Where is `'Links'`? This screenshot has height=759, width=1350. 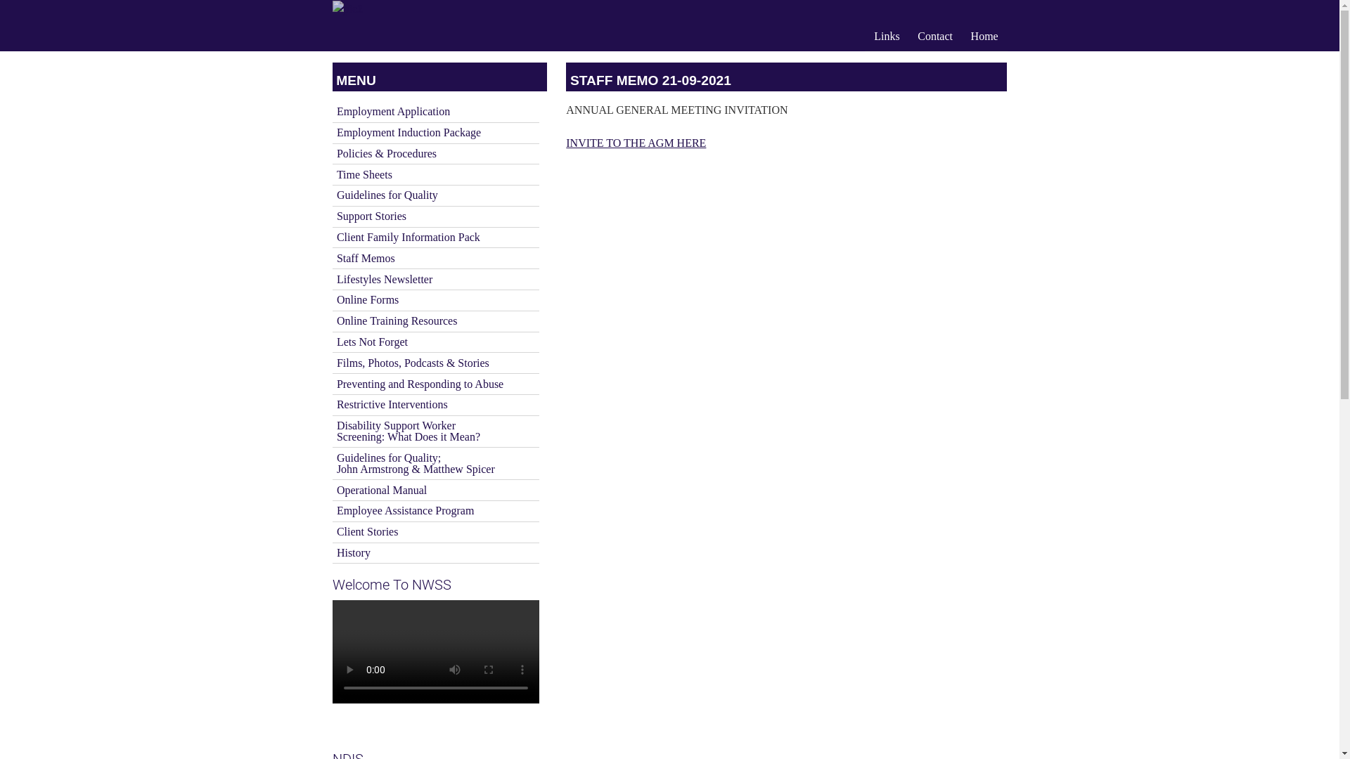 'Links' is located at coordinates (886, 35).